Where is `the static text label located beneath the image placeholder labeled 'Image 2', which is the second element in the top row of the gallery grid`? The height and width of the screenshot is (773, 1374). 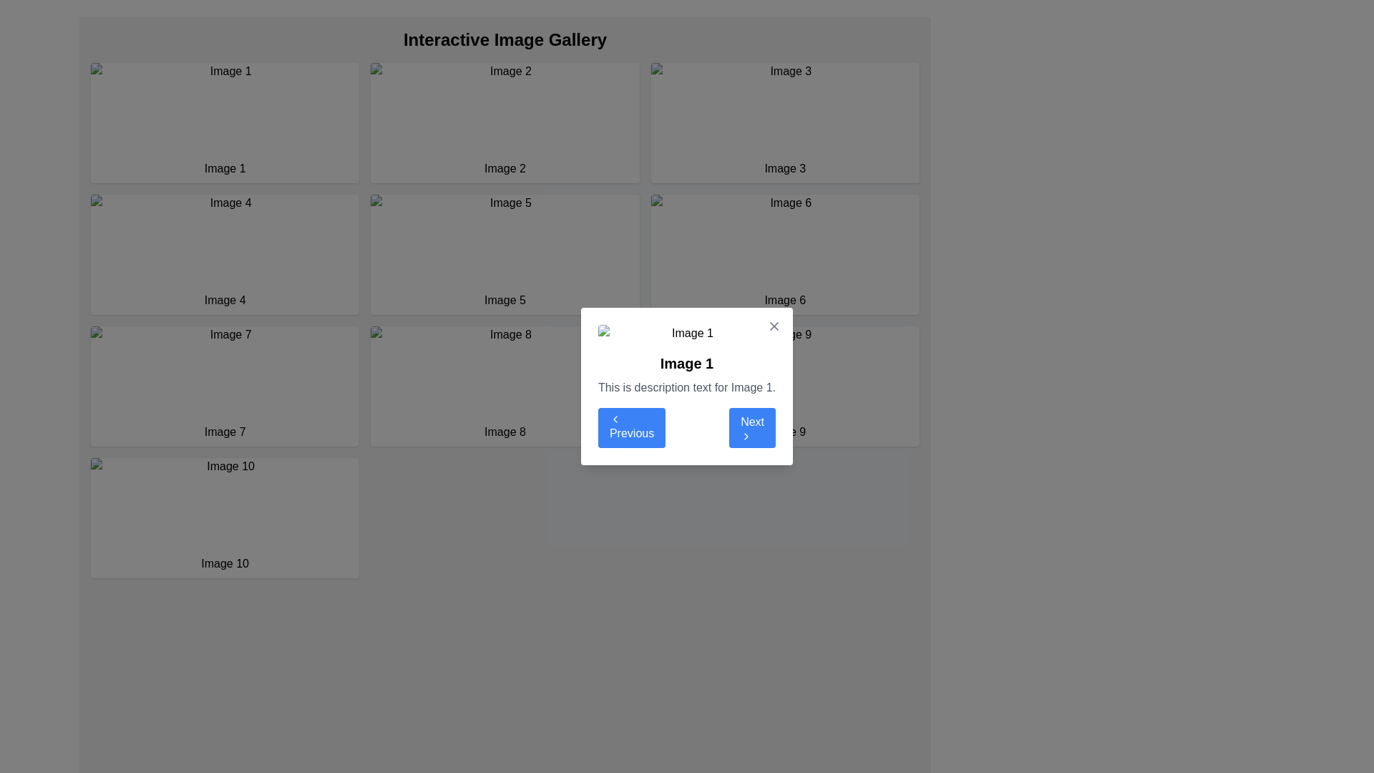 the static text label located beneath the image placeholder labeled 'Image 2', which is the second element in the top row of the gallery grid is located at coordinates (505, 167).